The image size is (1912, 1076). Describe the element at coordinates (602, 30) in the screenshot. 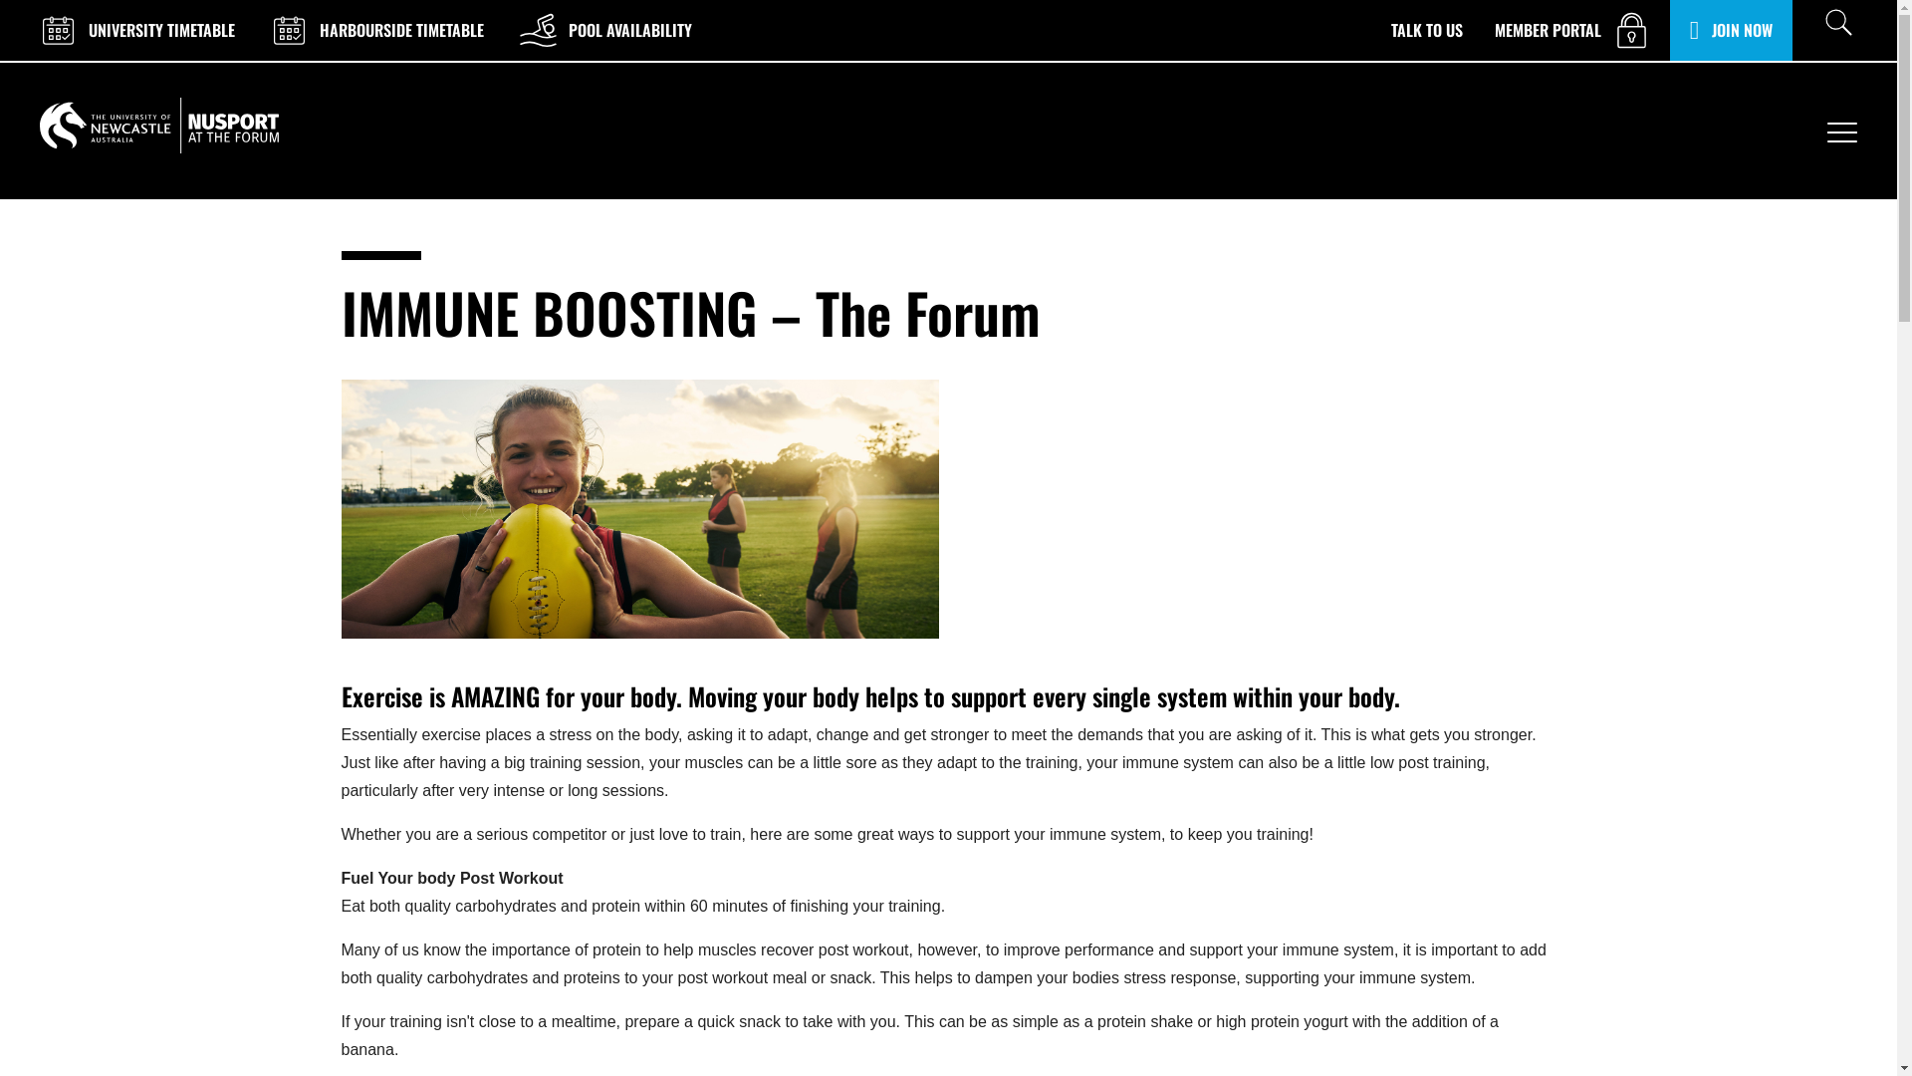

I see `'POOL AVAILABILITY'` at that location.